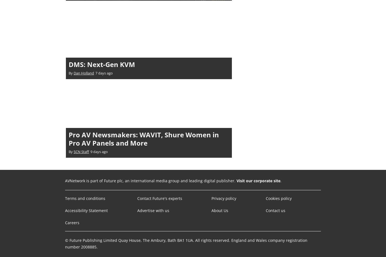 The height and width of the screenshot is (257, 386). I want to click on 'Advertise with us', so click(153, 210).